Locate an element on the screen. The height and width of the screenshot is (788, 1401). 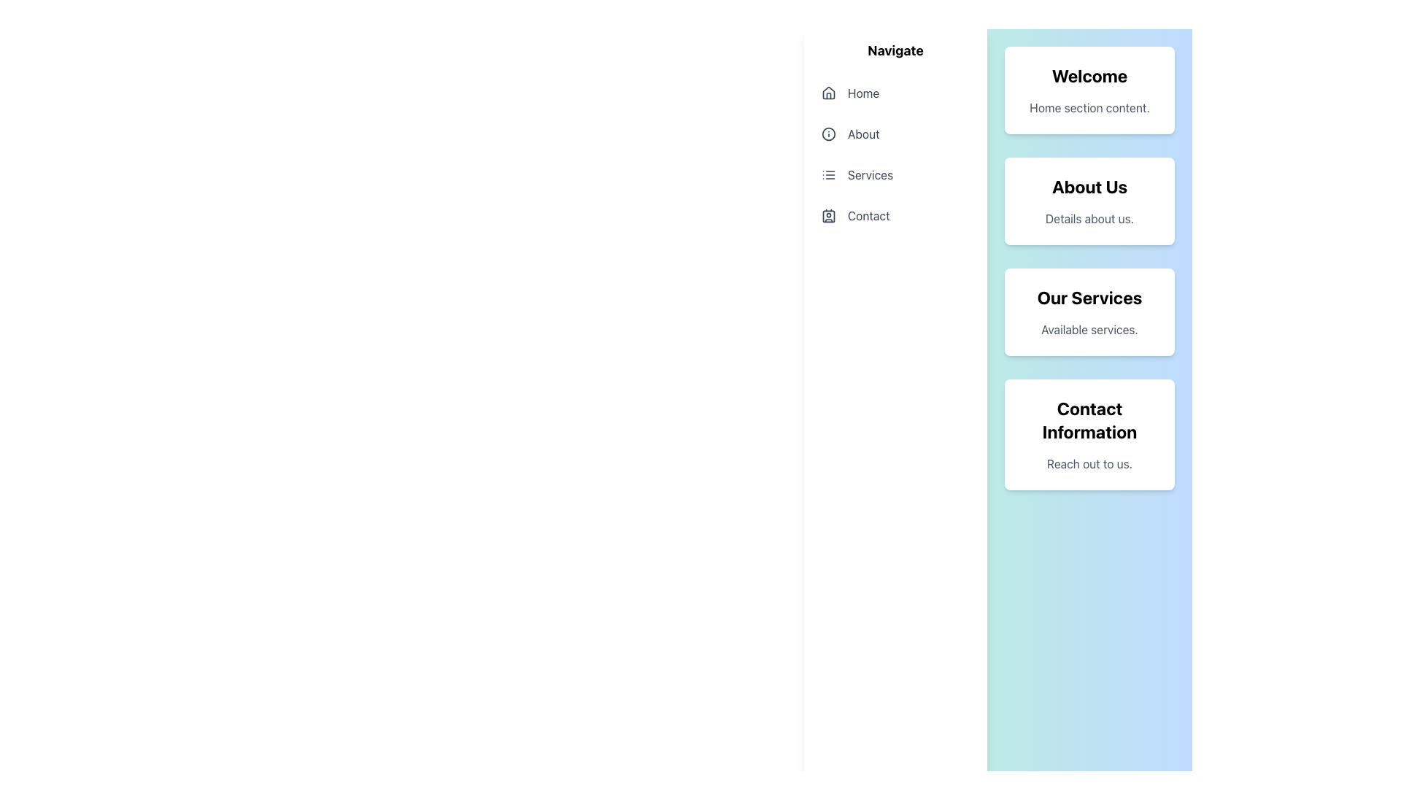
the 'About' text label in the sidebar navigation, which is the second item in the list, to provide visual feedback for the user is located at coordinates (863, 134).